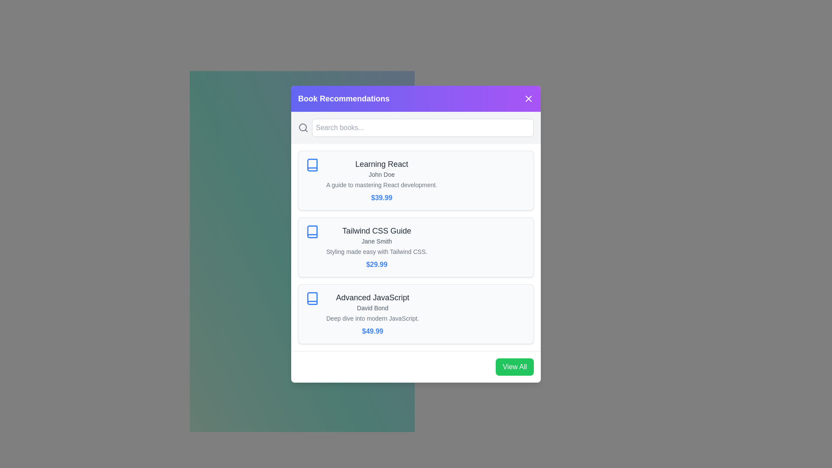 The height and width of the screenshot is (468, 832). What do you see at coordinates (416, 247) in the screenshot?
I see `the second informational card in the vertical list of book recommendations` at bounding box center [416, 247].